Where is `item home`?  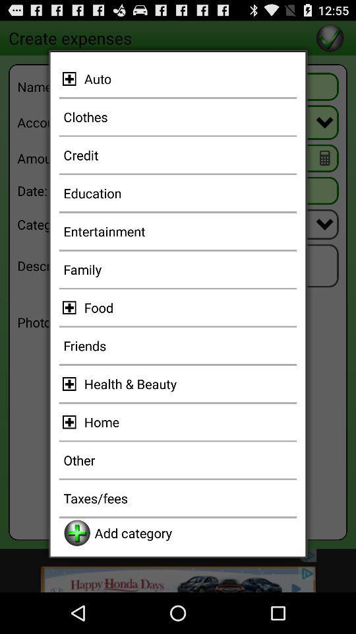 item home is located at coordinates (71, 421).